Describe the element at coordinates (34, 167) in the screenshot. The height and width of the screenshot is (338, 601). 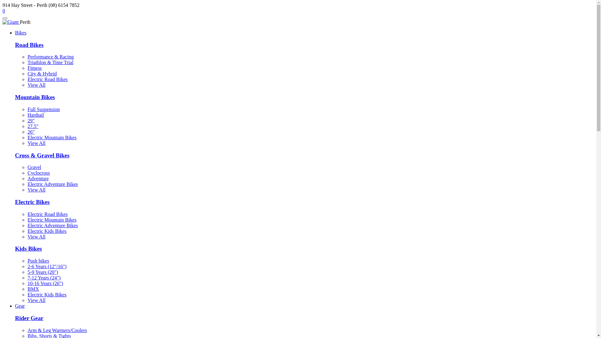
I see `'Gravel'` at that location.